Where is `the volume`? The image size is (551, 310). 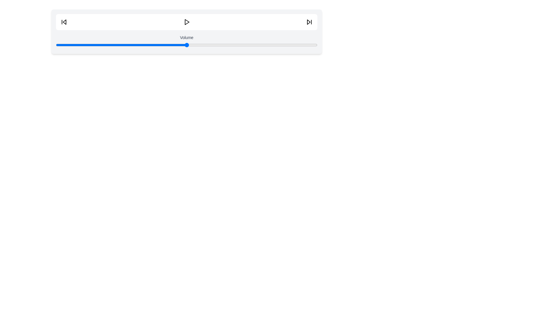
the volume is located at coordinates (147, 45).